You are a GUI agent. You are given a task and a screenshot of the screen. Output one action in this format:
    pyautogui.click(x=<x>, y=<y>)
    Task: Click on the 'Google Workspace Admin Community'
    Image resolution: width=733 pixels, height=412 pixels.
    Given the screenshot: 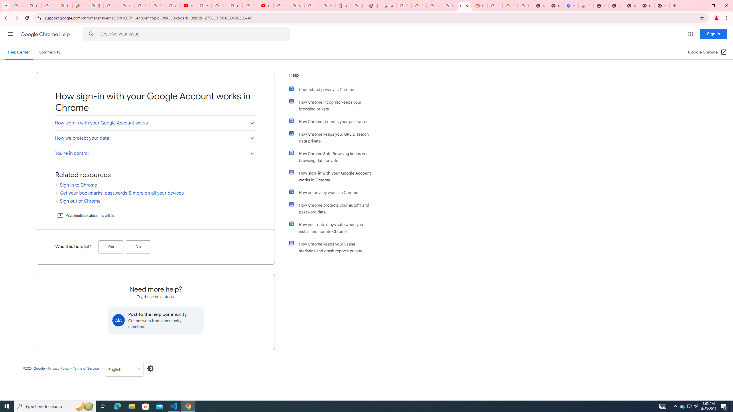 What is the action you would take?
    pyautogui.click(x=18, y=5)
    